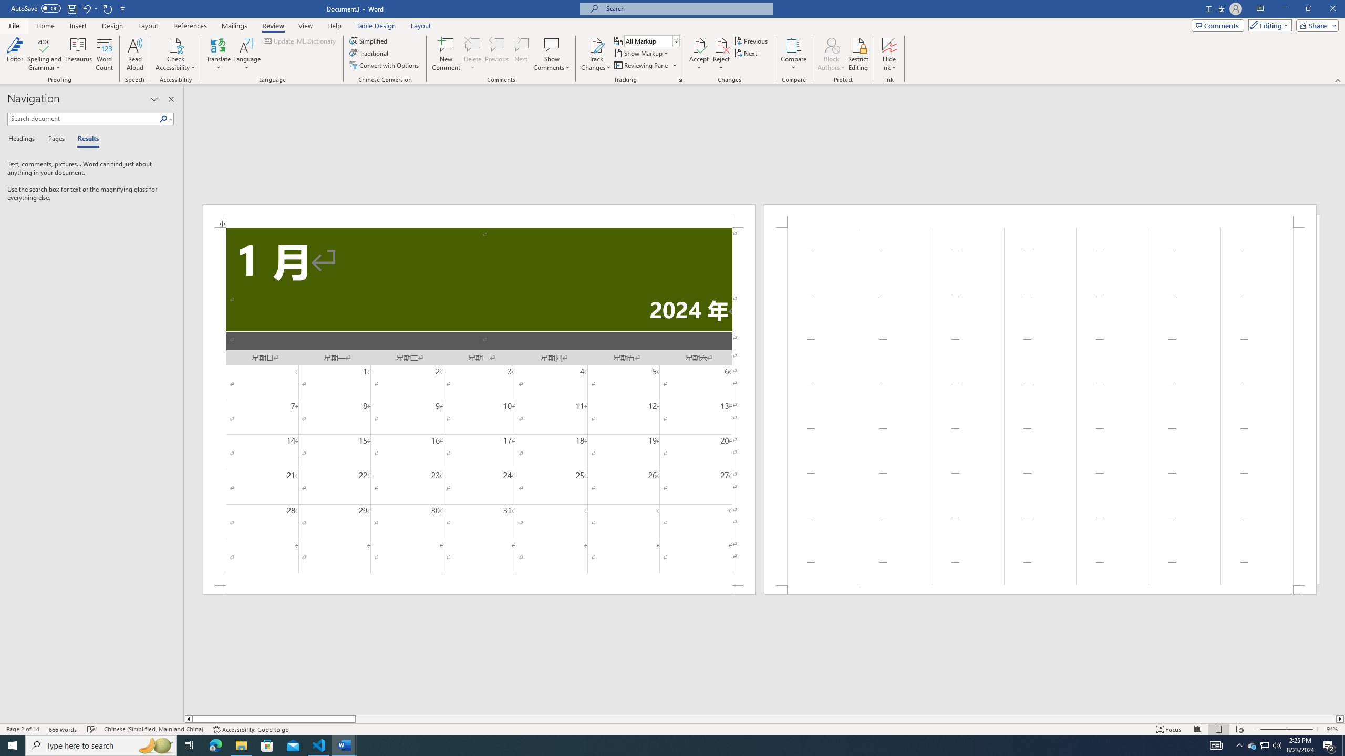  Describe the element at coordinates (721, 54) in the screenshot. I see `'Reject'` at that location.